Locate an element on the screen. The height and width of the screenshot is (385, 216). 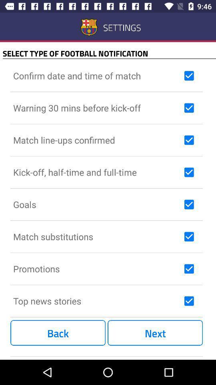
item to the right of the back icon is located at coordinates (155, 333).